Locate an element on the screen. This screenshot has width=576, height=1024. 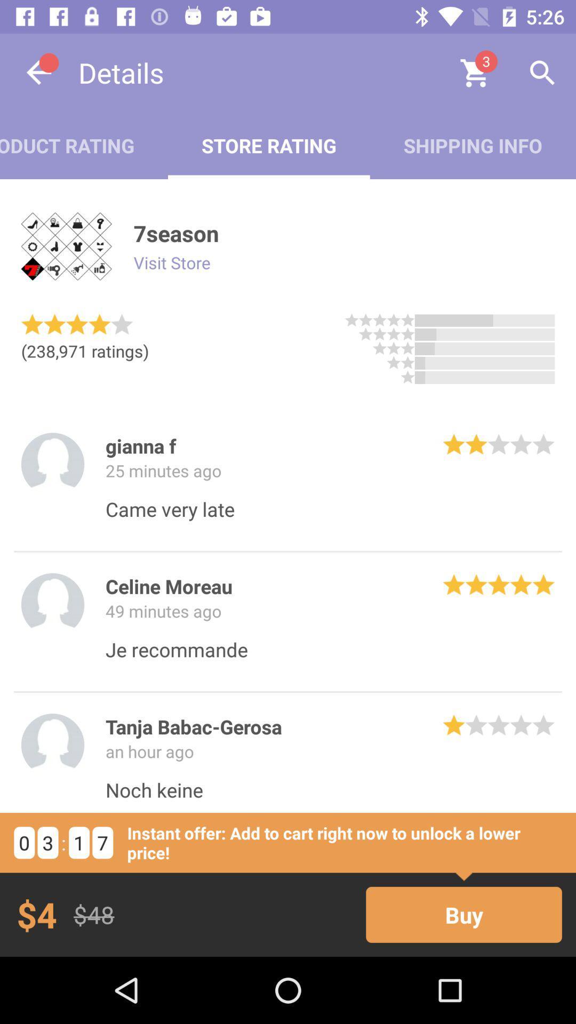
buy item is located at coordinates (463, 914).